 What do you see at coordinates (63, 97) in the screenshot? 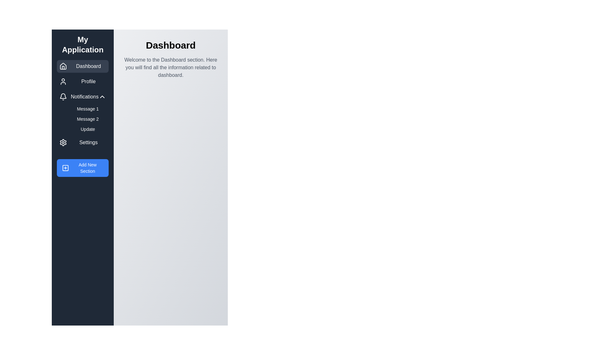
I see `the bell-shaped icon located in the left-hand vertical navigation bar` at bounding box center [63, 97].